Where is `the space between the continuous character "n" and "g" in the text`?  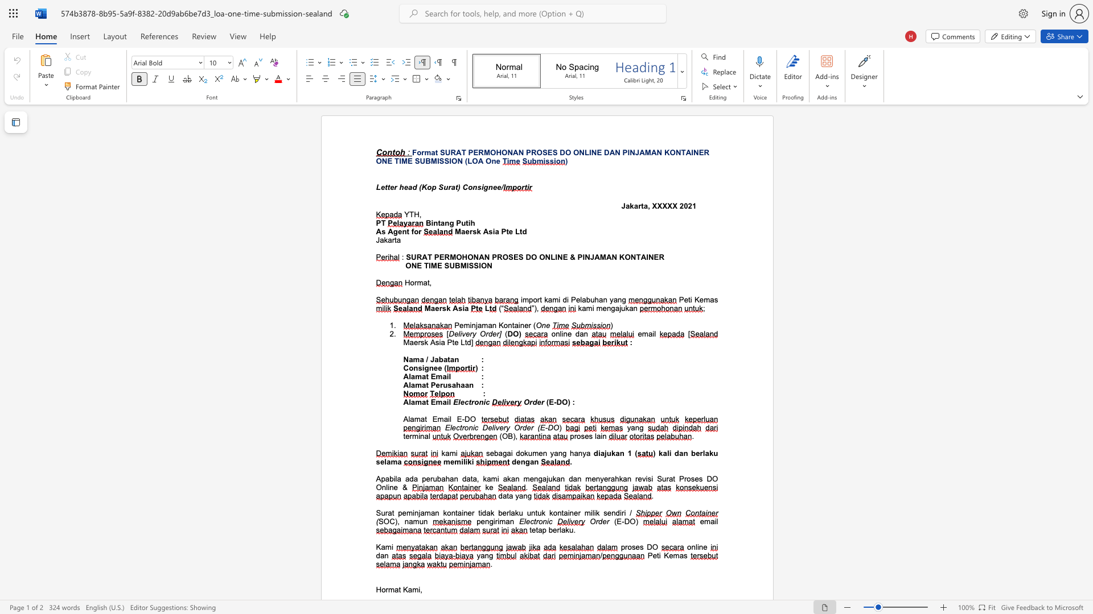
the space between the continuous character "n" and "g" in the text is located at coordinates (621, 299).